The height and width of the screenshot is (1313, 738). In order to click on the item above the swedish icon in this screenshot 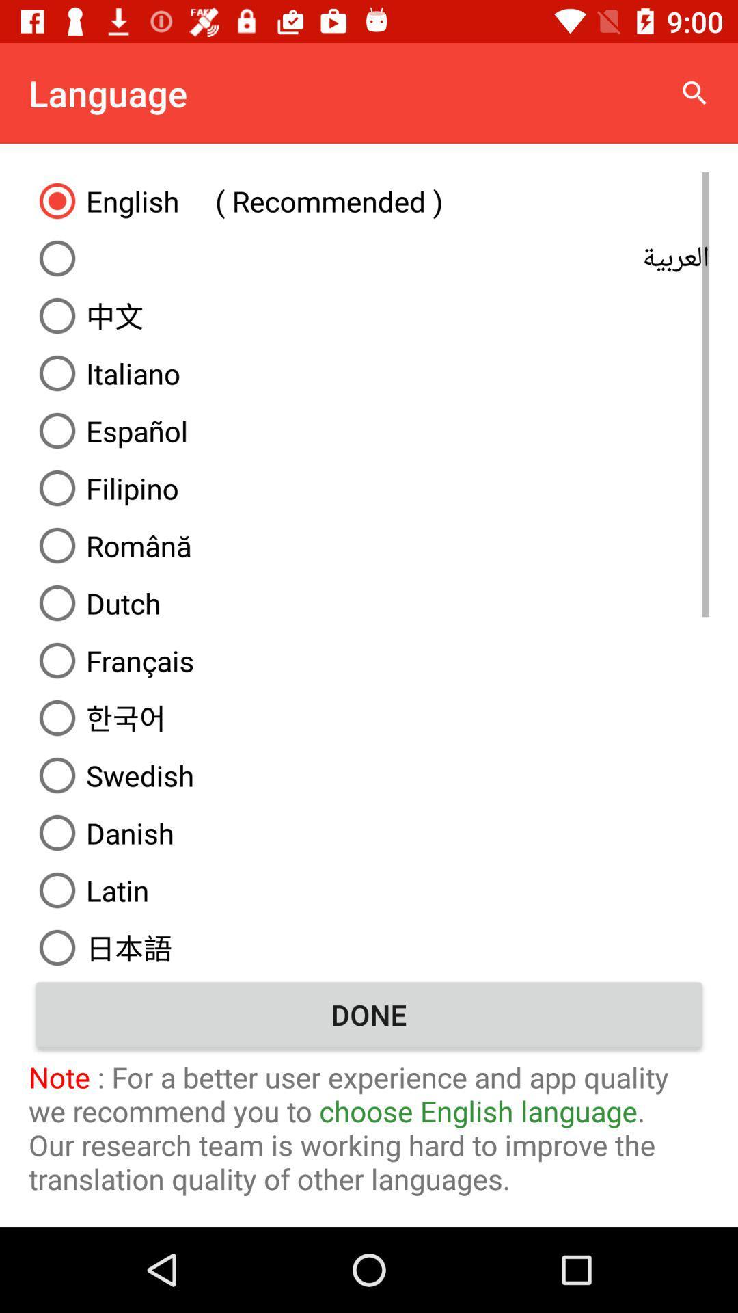, I will do `click(369, 717)`.